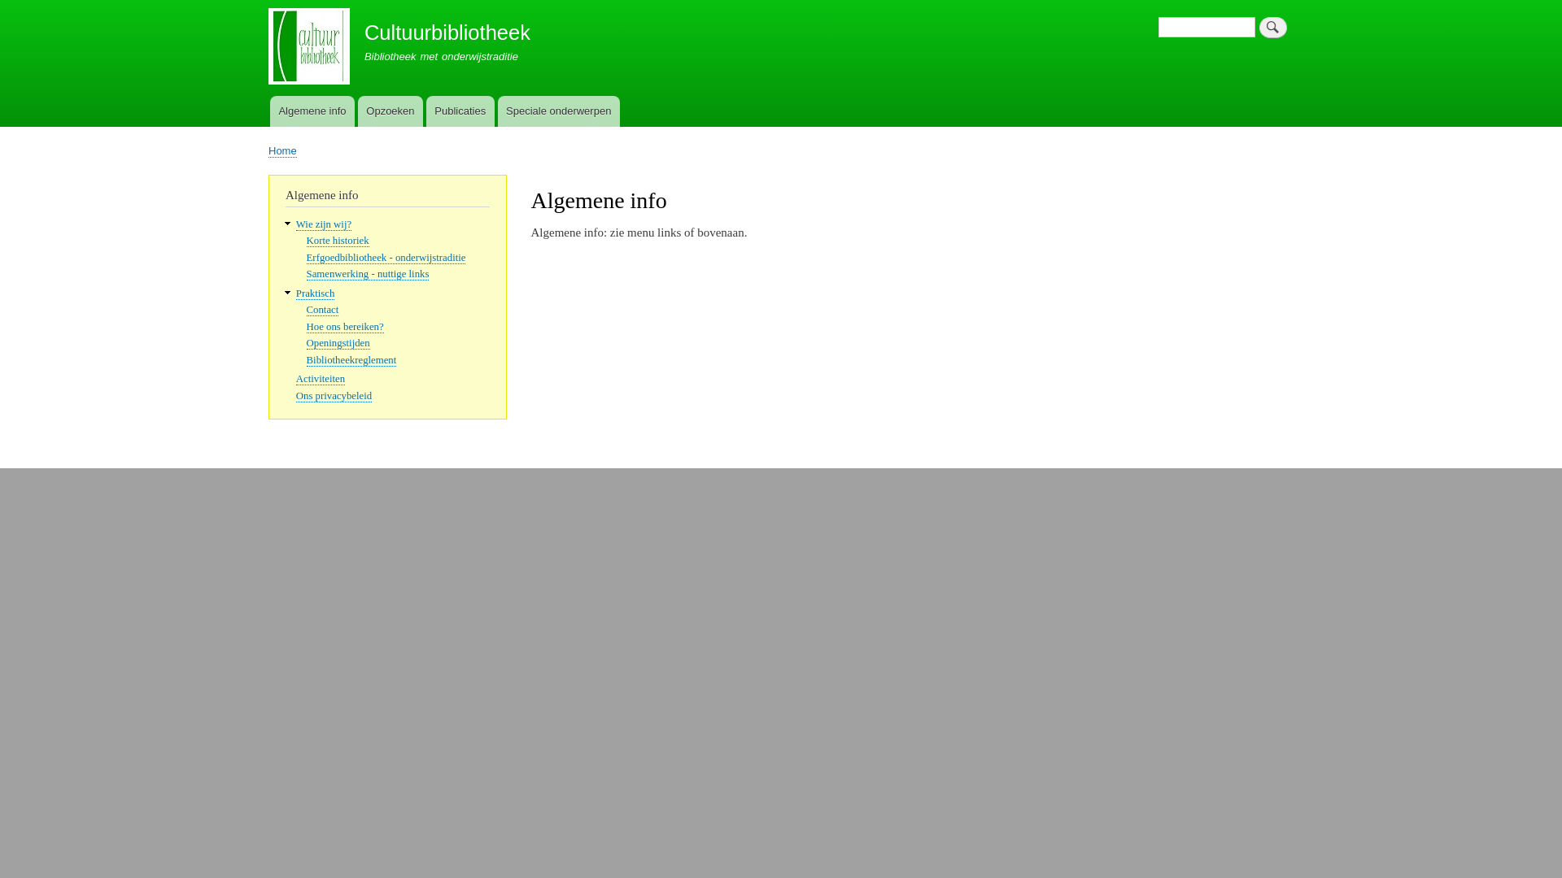 This screenshot has width=1562, height=878. What do you see at coordinates (367, 273) in the screenshot?
I see `'Samenwerking - nuttige links'` at bounding box center [367, 273].